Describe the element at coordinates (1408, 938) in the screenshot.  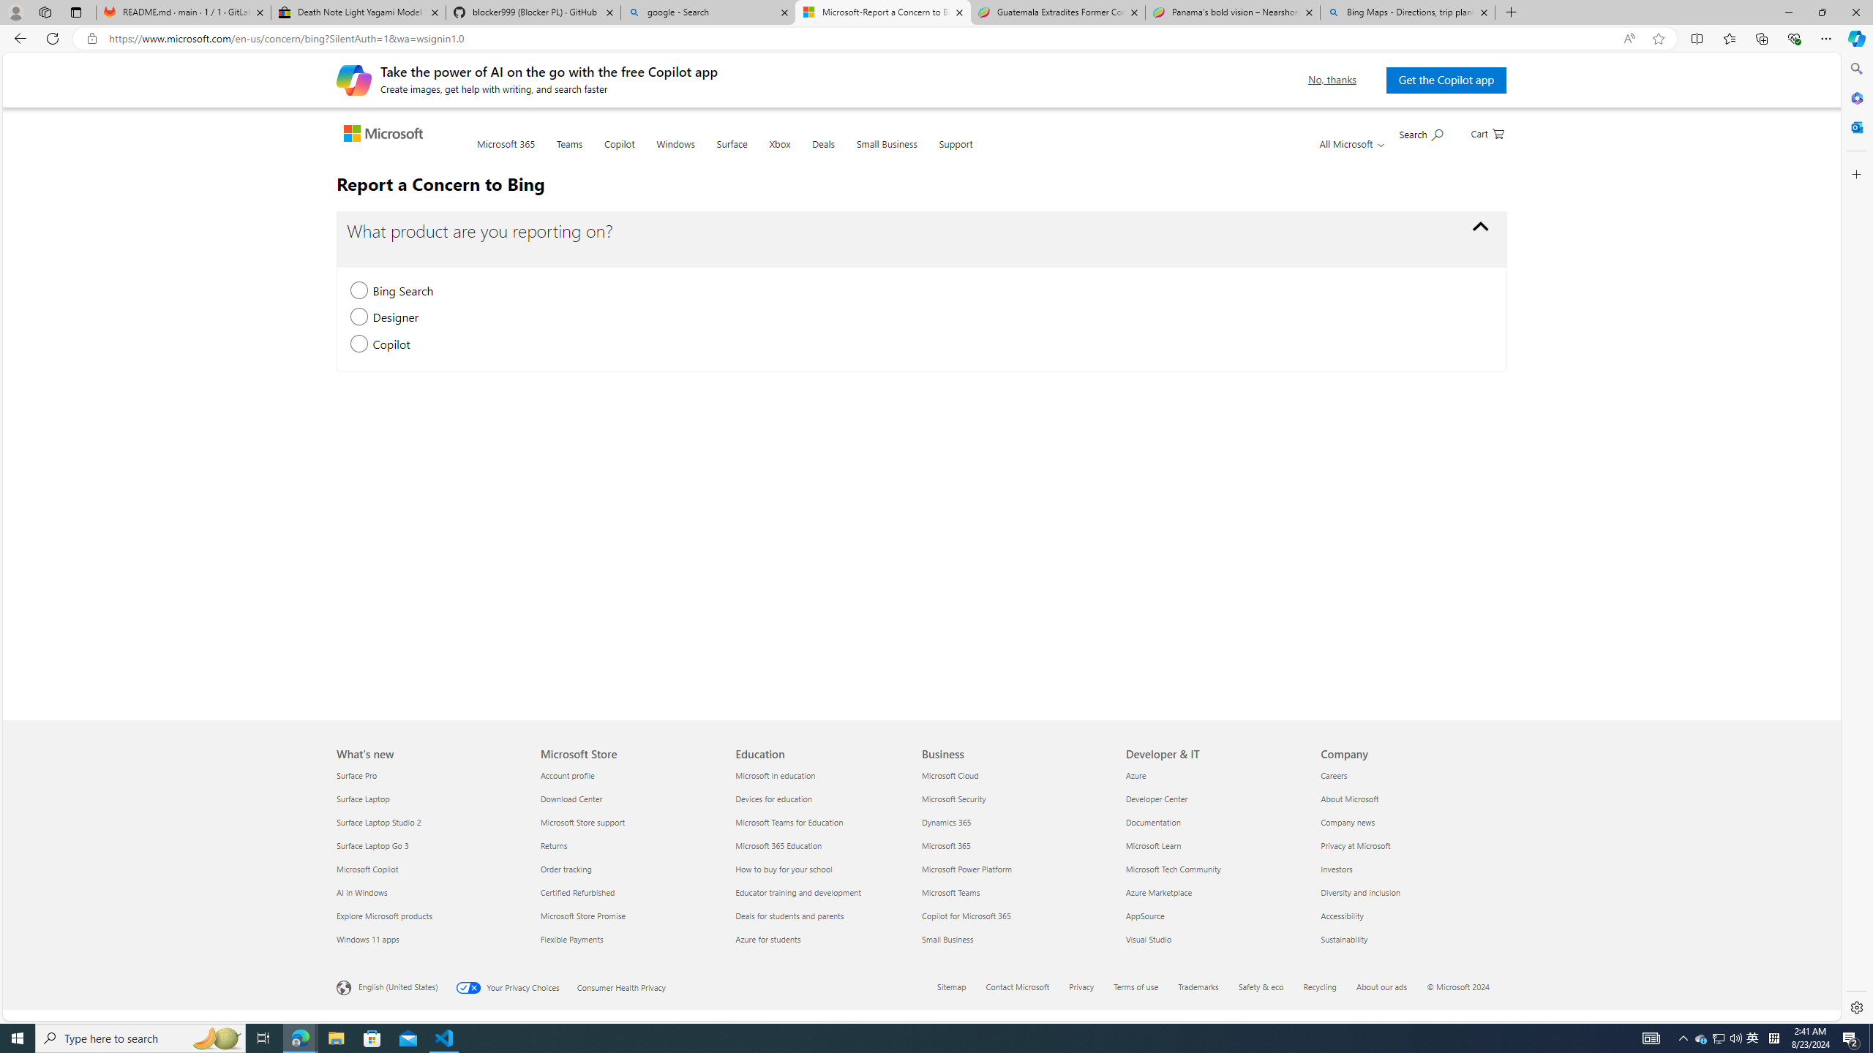
I see `'Sustainability'` at that location.